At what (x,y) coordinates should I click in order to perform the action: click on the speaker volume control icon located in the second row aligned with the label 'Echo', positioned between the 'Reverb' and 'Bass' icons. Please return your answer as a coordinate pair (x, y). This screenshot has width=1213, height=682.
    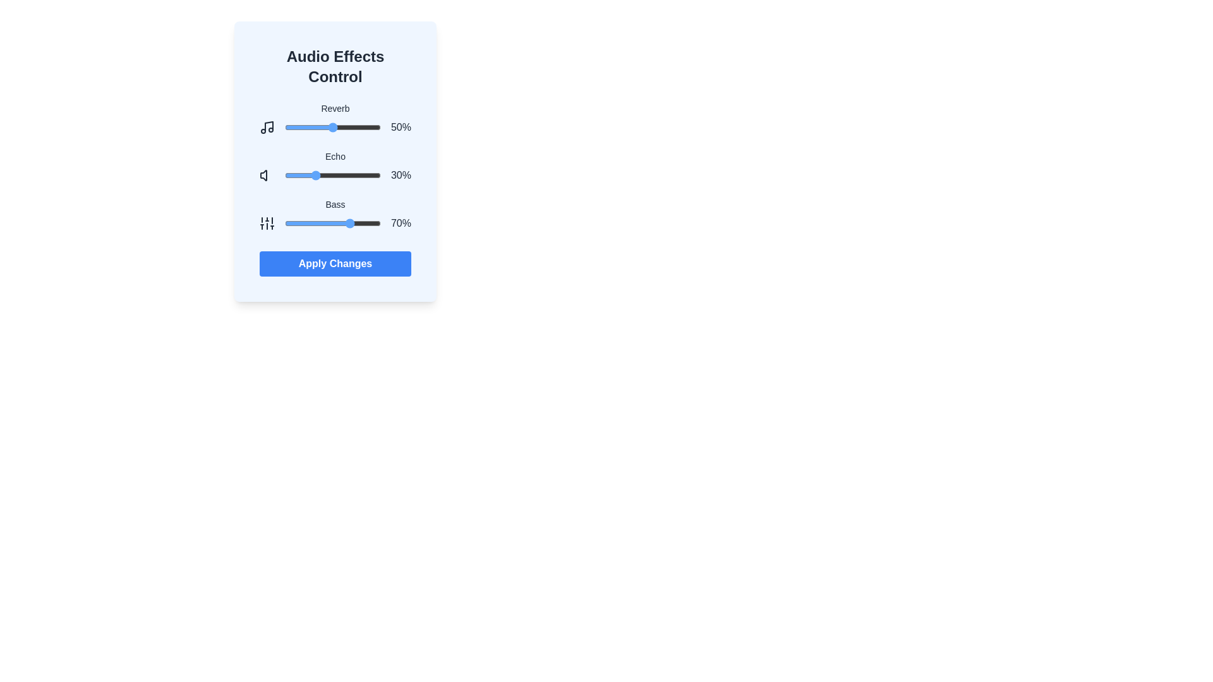
    Looking at the image, I should click on (263, 175).